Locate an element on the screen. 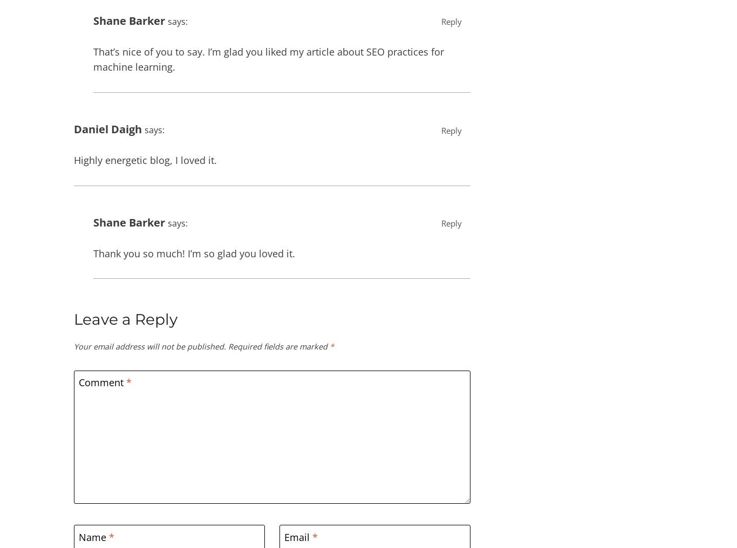 The image size is (737, 548). 'Name' is located at coordinates (93, 537).